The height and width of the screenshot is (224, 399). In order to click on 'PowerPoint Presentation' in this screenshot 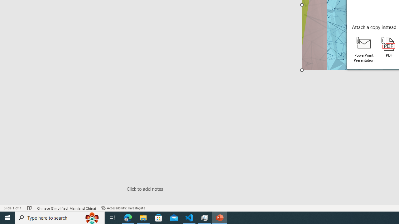, I will do `click(364, 49)`.